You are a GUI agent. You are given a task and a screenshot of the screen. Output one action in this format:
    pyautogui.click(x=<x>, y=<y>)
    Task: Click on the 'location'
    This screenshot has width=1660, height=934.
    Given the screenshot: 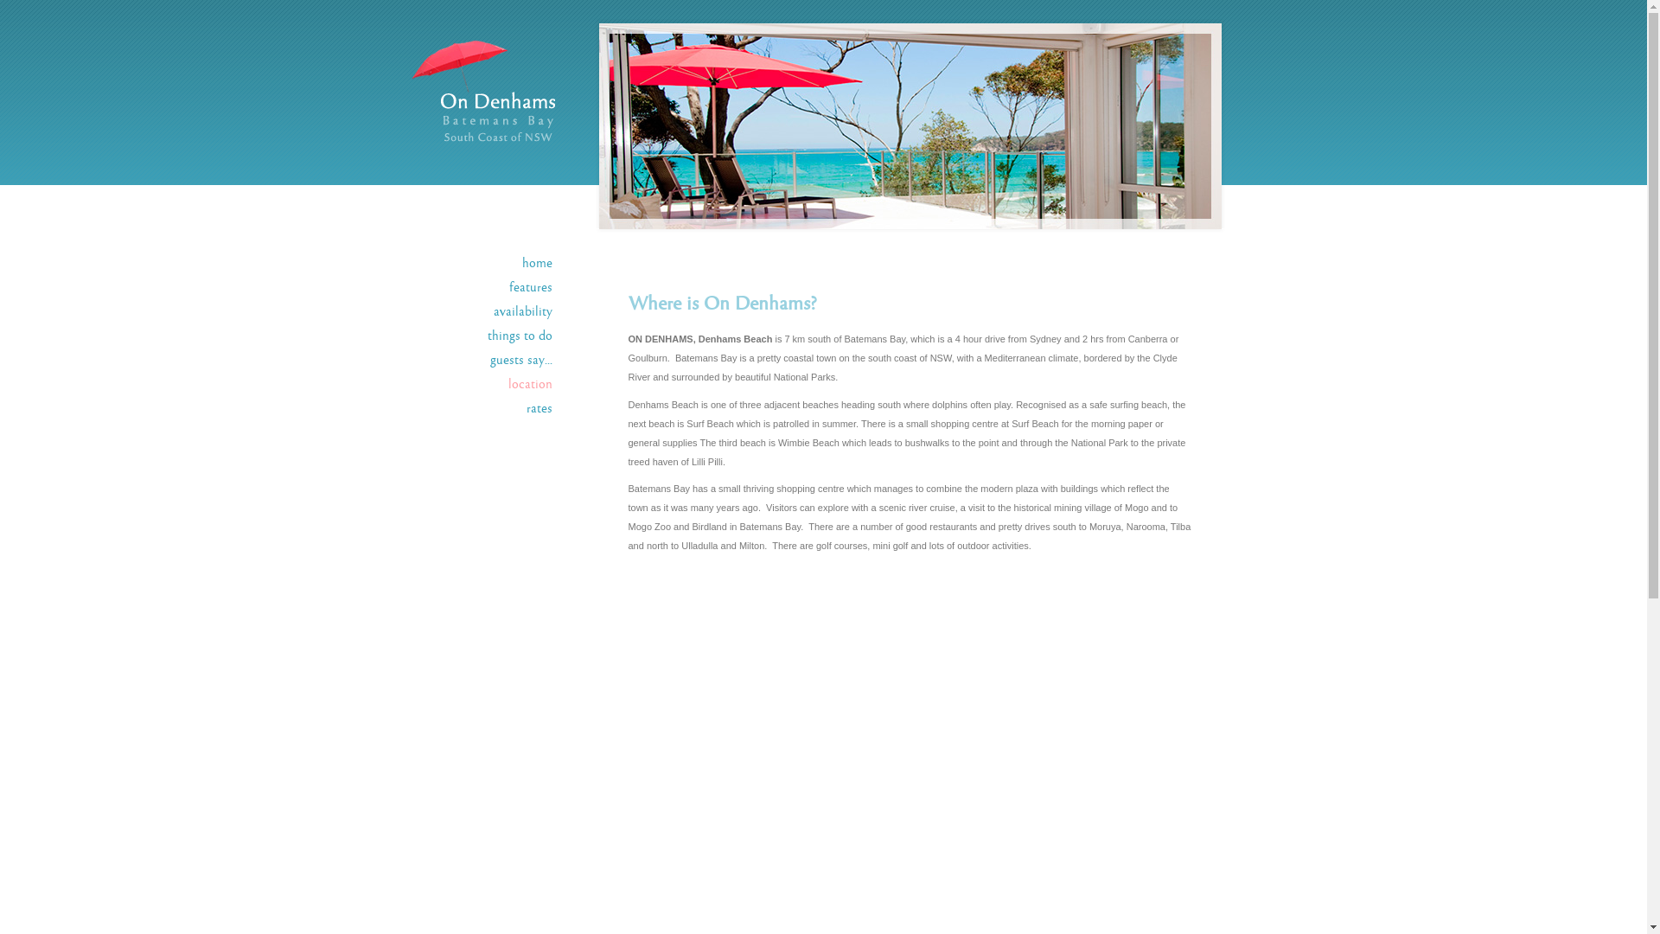 What is the action you would take?
    pyautogui.click(x=529, y=383)
    